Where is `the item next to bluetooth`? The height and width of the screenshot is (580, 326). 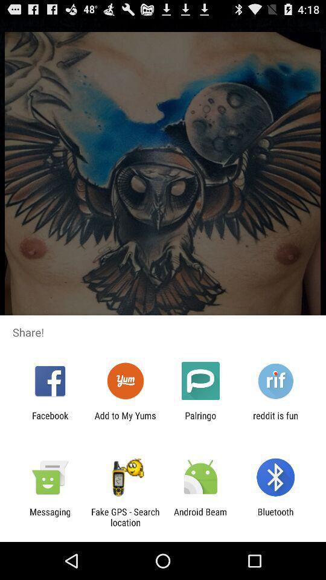
the item next to bluetooth is located at coordinates (200, 517).